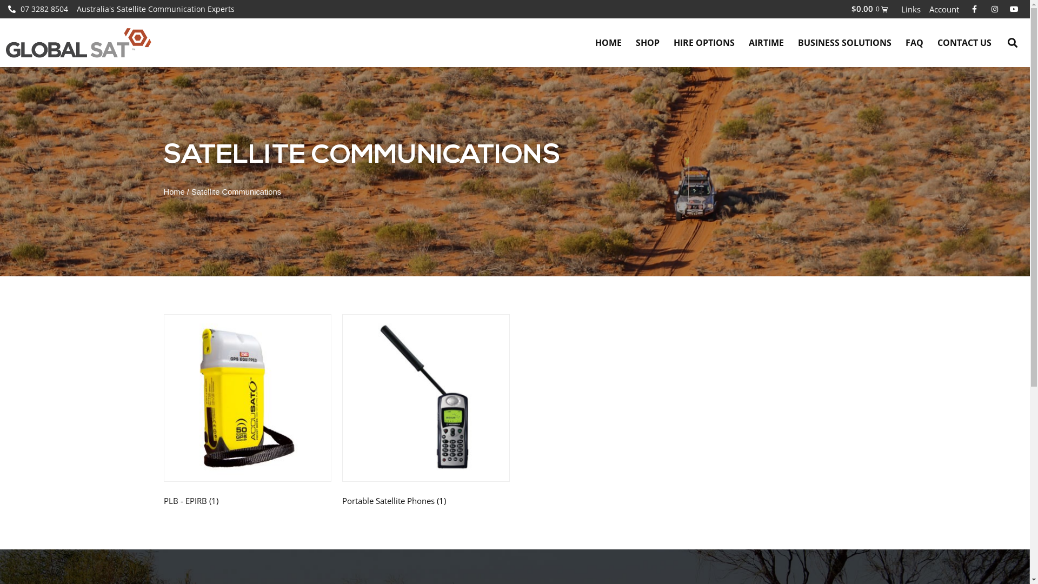 This screenshot has height=584, width=1038. Describe the element at coordinates (844, 42) in the screenshot. I see `'BUSINESS SOLUTIONS'` at that location.